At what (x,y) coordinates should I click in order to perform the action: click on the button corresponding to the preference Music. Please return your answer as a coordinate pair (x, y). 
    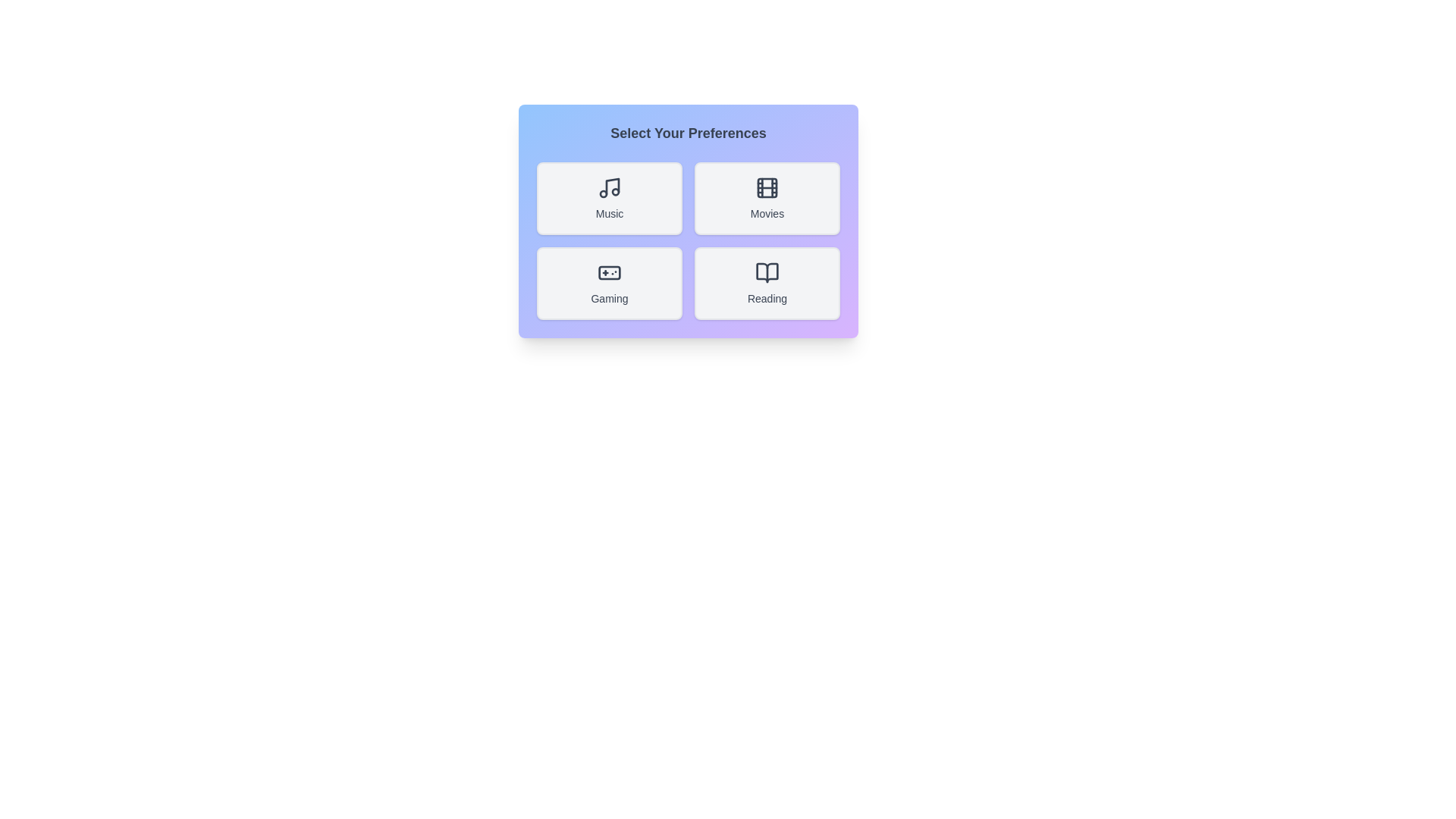
    Looking at the image, I should click on (610, 198).